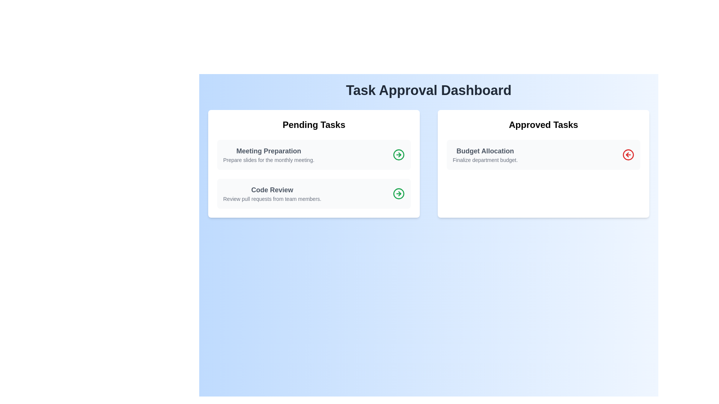 This screenshot has height=404, width=719. What do you see at coordinates (269, 154) in the screenshot?
I see `the text block titled 'Meeting Preparation', which is located in the 'Pending Tasks' section of the 'Task Approval Dashboard'` at bounding box center [269, 154].